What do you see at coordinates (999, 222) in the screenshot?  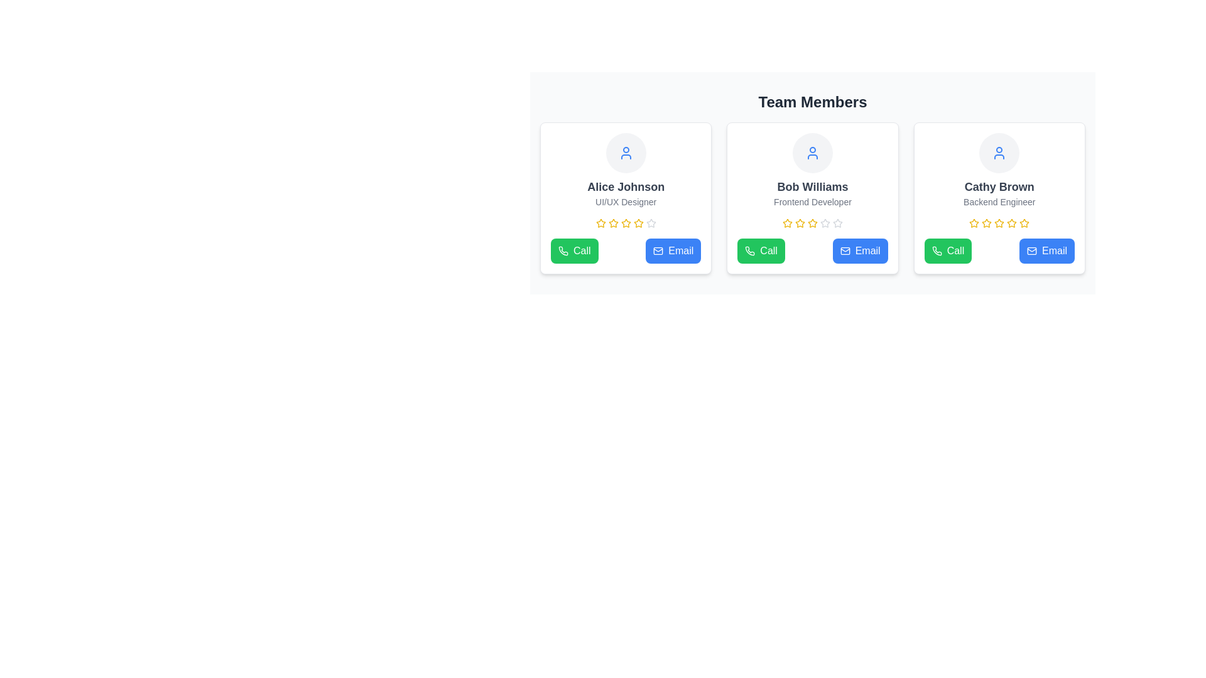 I see `the rating display component indicating a rating of 3 out of 5 stars, located centrally below the 'Backend Engineer' label in Cathy Brown's profile card` at bounding box center [999, 222].